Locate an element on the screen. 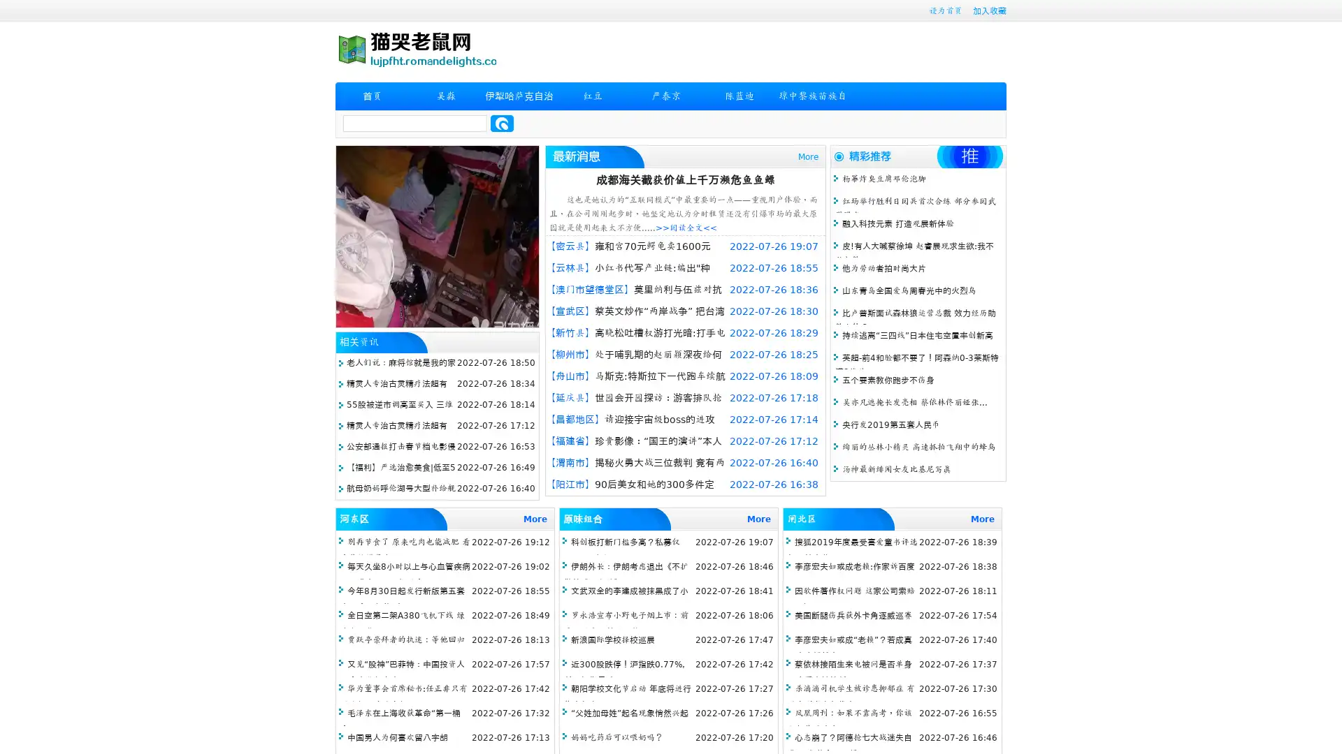 The height and width of the screenshot is (754, 1342). Search is located at coordinates (502, 123).